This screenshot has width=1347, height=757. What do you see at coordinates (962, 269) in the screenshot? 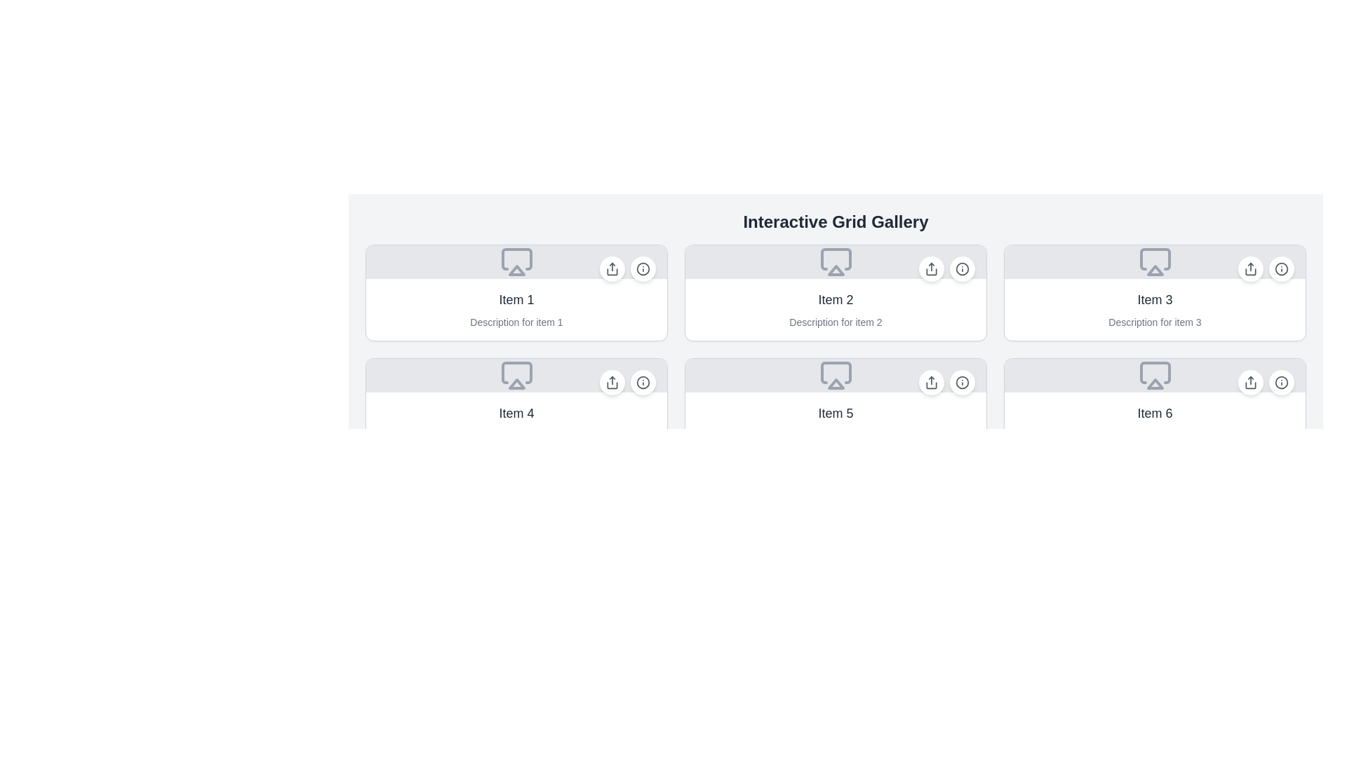
I see `properties of the circular icon element that is part of the SVG info icon set, identified by its distinct border and circular shape` at bounding box center [962, 269].